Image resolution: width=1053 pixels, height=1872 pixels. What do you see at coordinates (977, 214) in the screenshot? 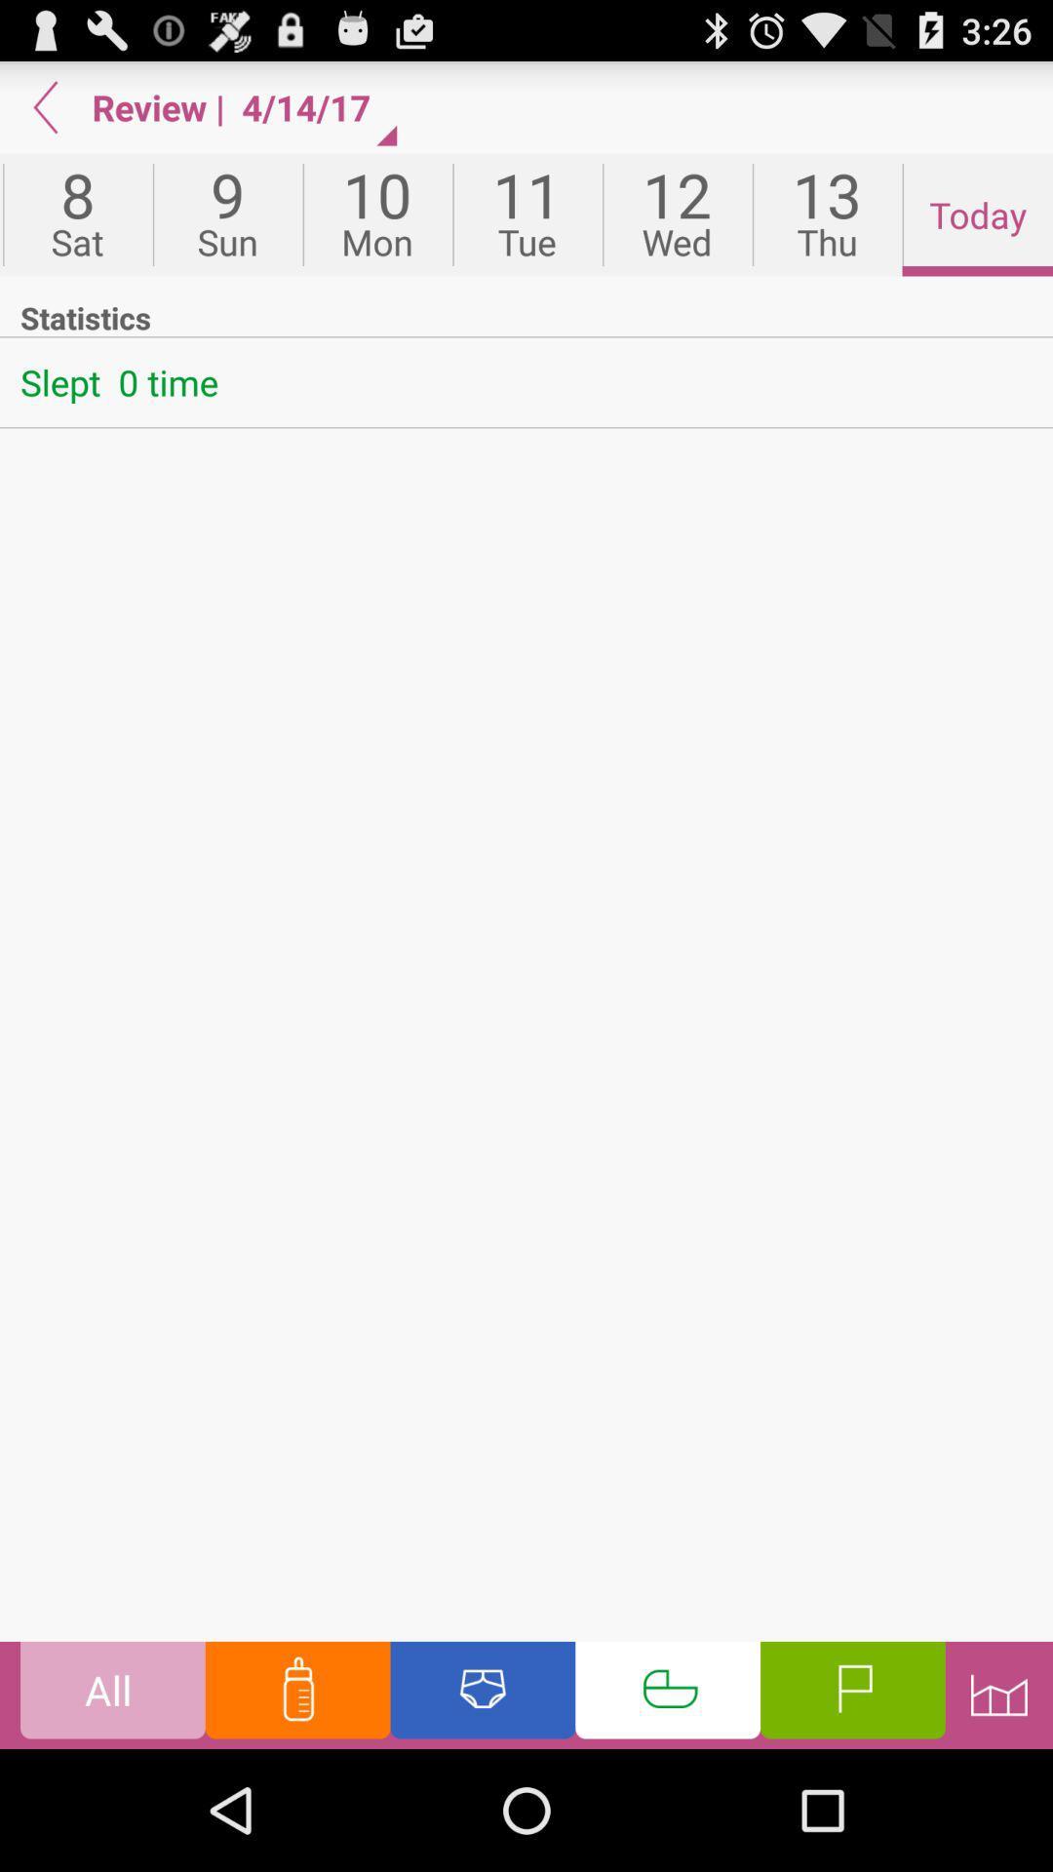
I see `the icon next to 13 icon` at bounding box center [977, 214].